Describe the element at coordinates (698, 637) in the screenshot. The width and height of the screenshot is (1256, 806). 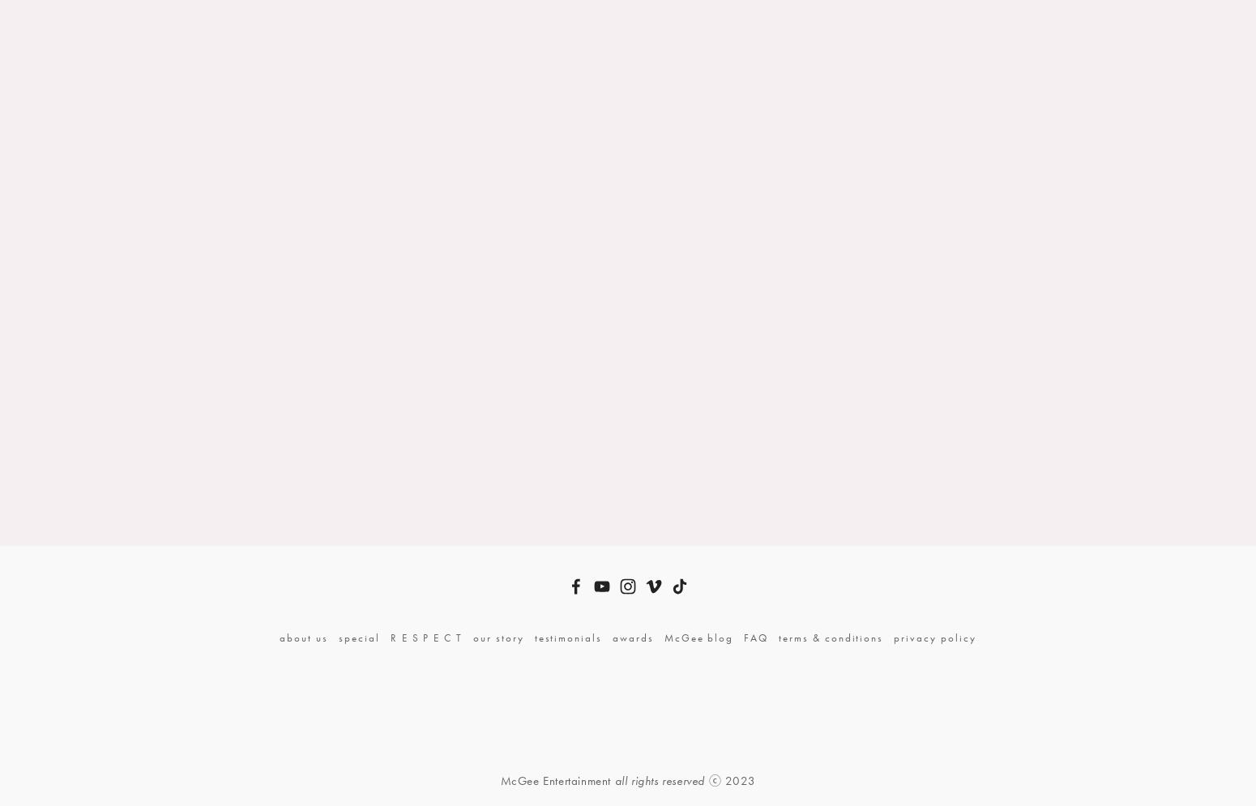
I see `'McGee blog'` at that location.